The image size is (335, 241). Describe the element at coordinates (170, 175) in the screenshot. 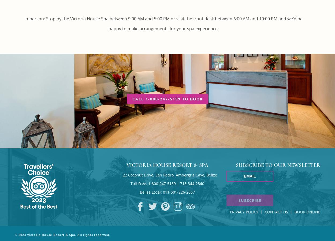

I see `'22 Coconut Drive, San Pedro, Ambergris Caye, Belize'` at that location.